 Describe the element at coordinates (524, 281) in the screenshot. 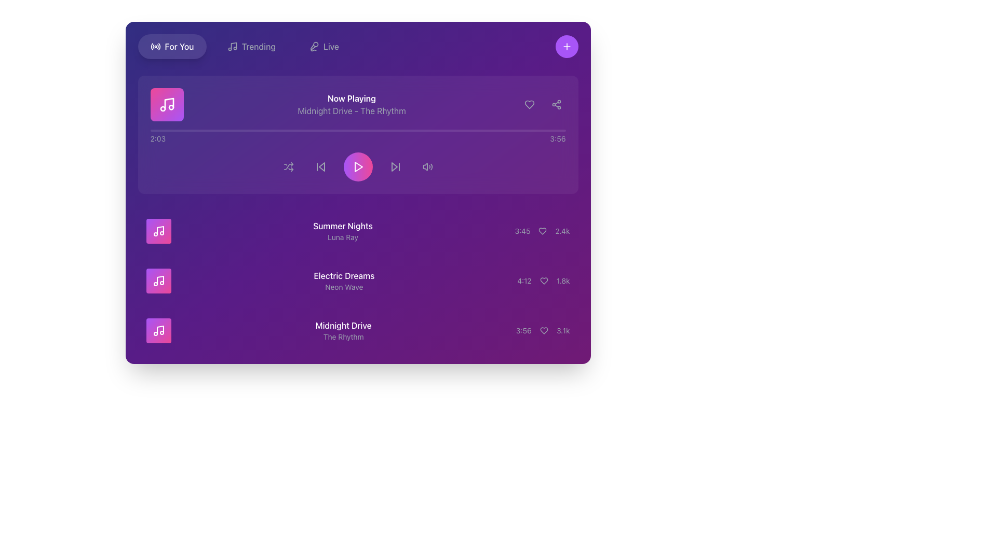

I see `displayed time from the small text label showing '4:12', which is located in the music-related interface, positioned to the left of a heart icon and numerical text '1.8k'` at that location.